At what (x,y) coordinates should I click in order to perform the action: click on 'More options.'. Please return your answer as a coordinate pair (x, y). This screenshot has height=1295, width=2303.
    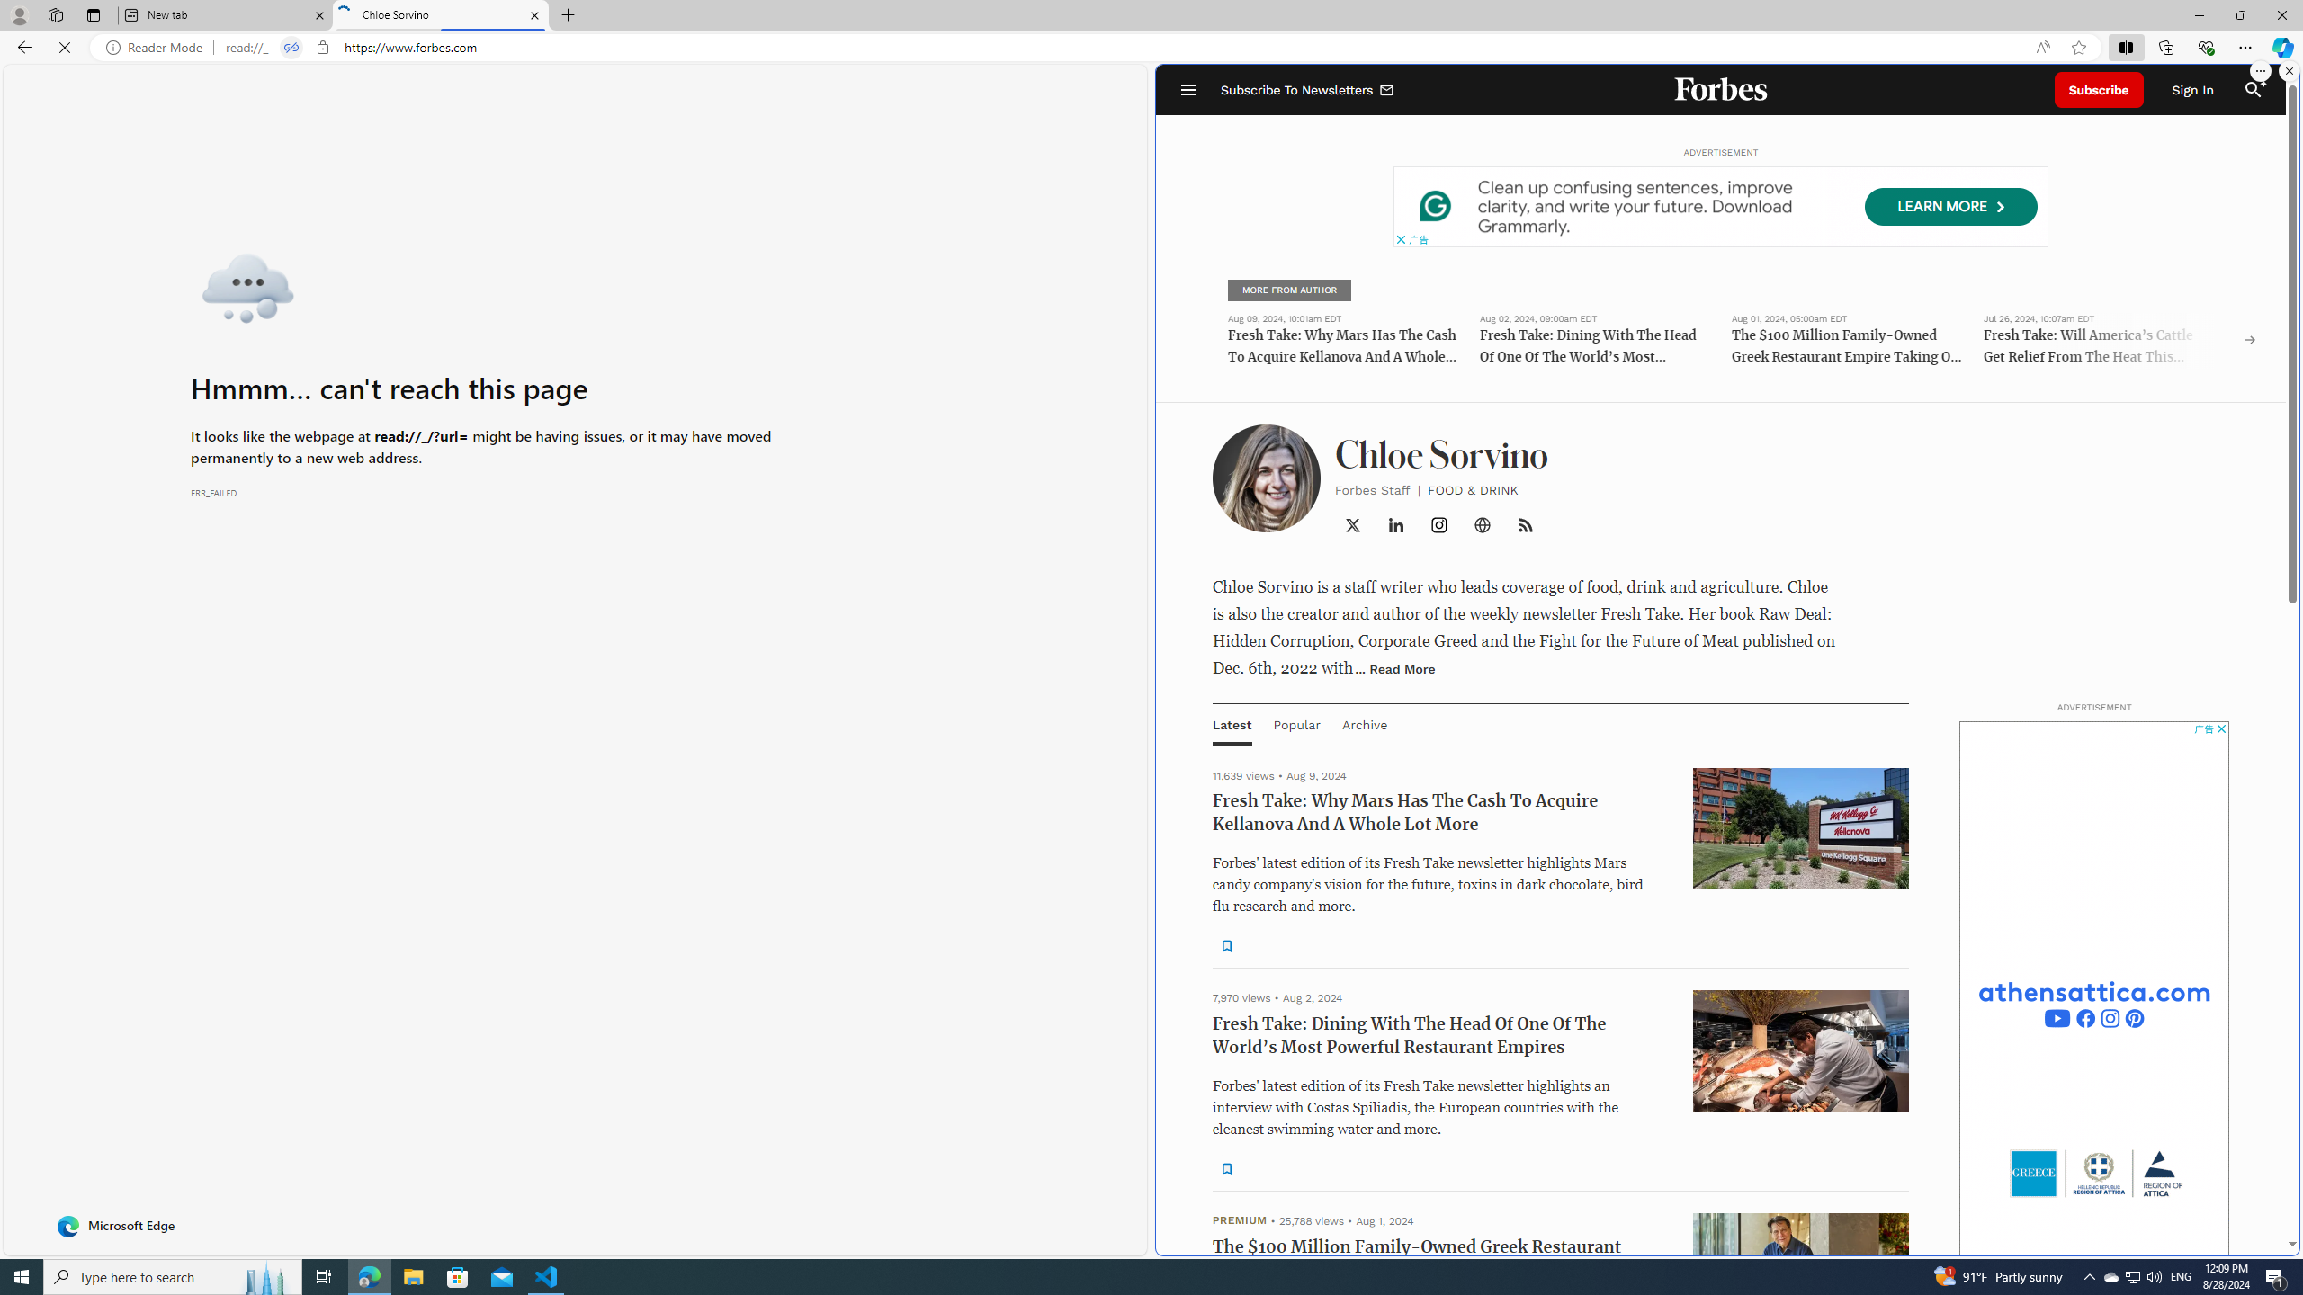
    Looking at the image, I should click on (2259, 70).